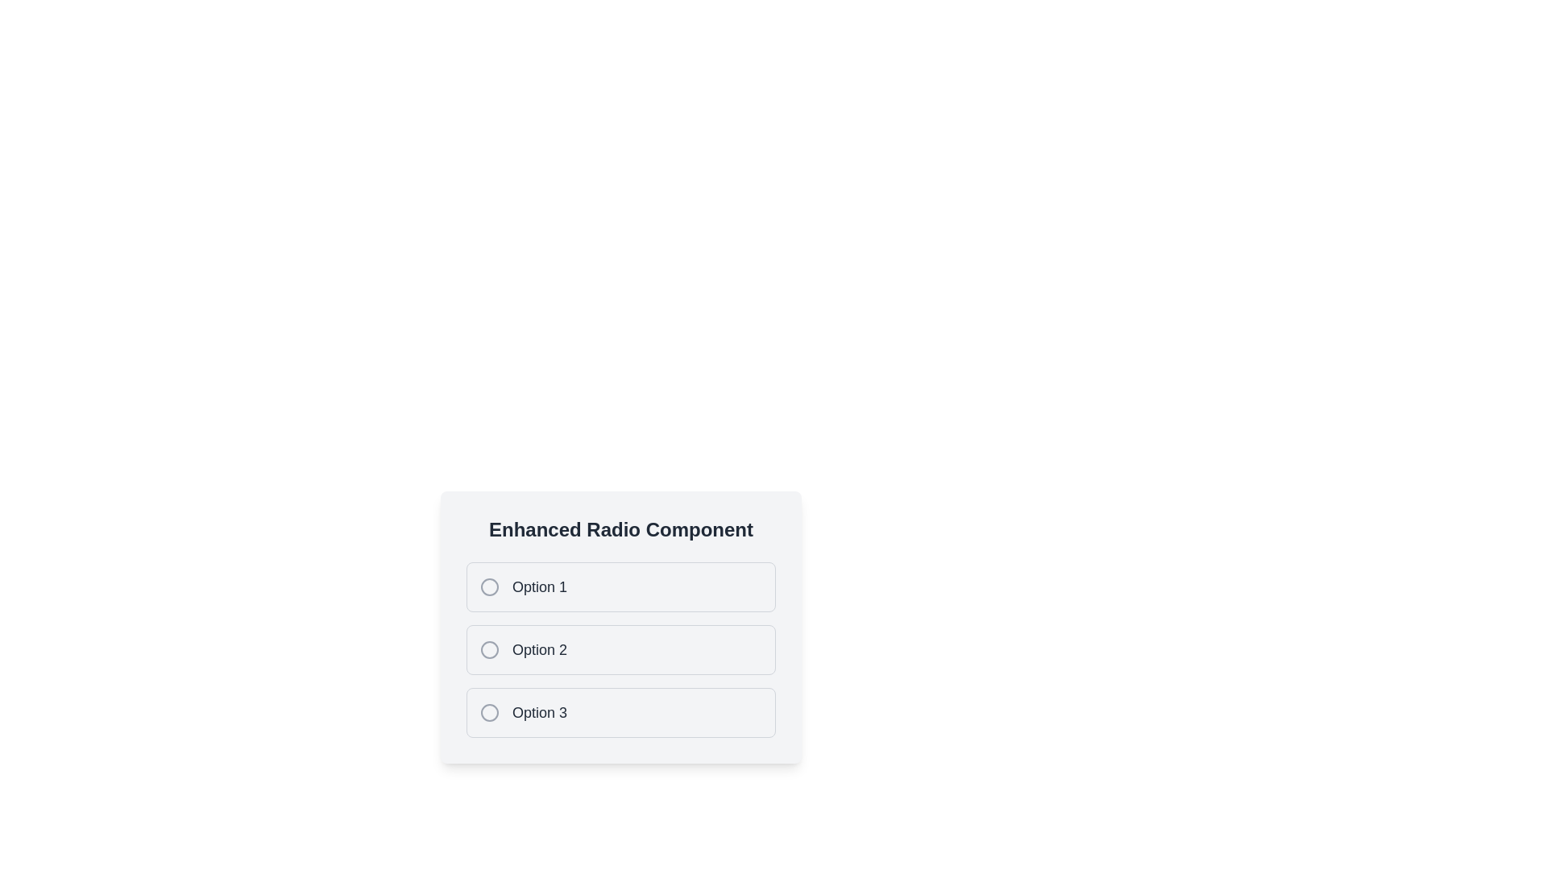 The image size is (1547, 870). What do you see at coordinates (620, 587) in the screenshot?
I see `the first radio button option in the 'Enhanced Radio Component'` at bounding box center [620, 587].